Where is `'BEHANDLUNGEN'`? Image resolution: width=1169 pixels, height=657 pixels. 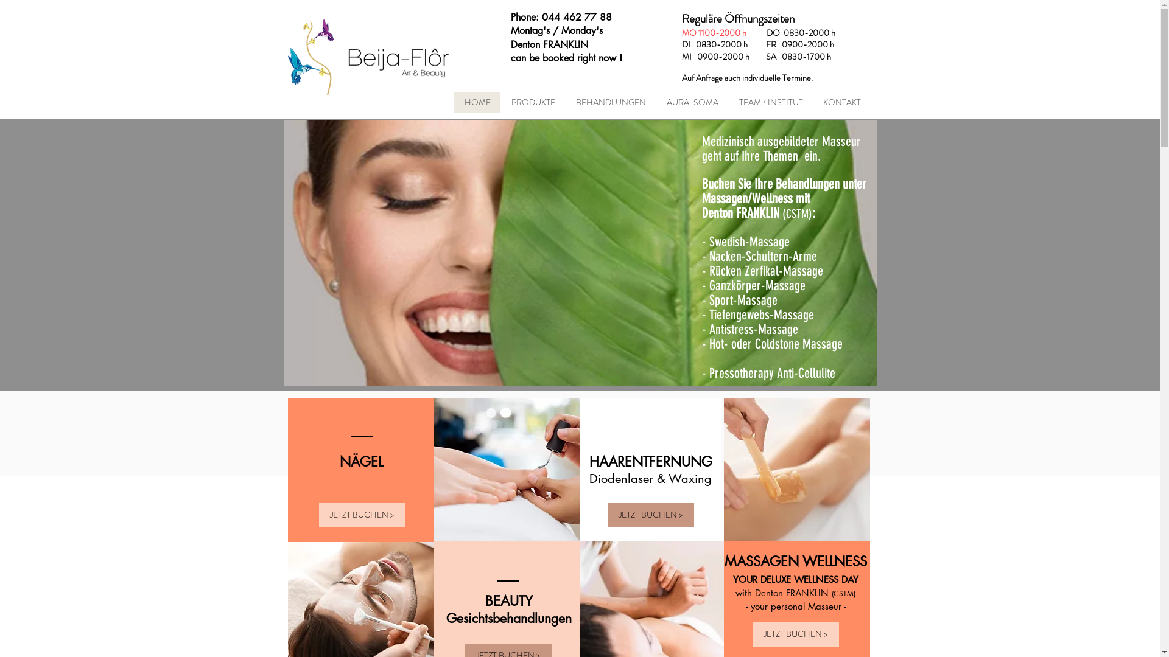
'BEHANDLUNGEN' is located at coordinates (609, 102).